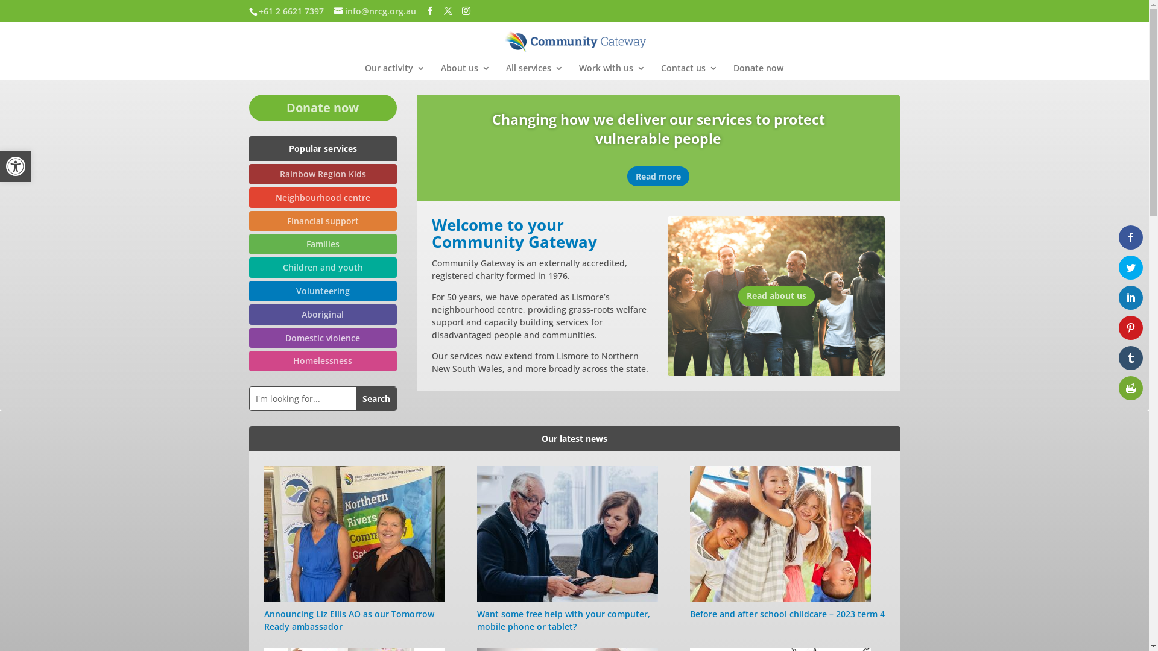  I want to click on 'Rainbow Region Kids', so click(322, 174).